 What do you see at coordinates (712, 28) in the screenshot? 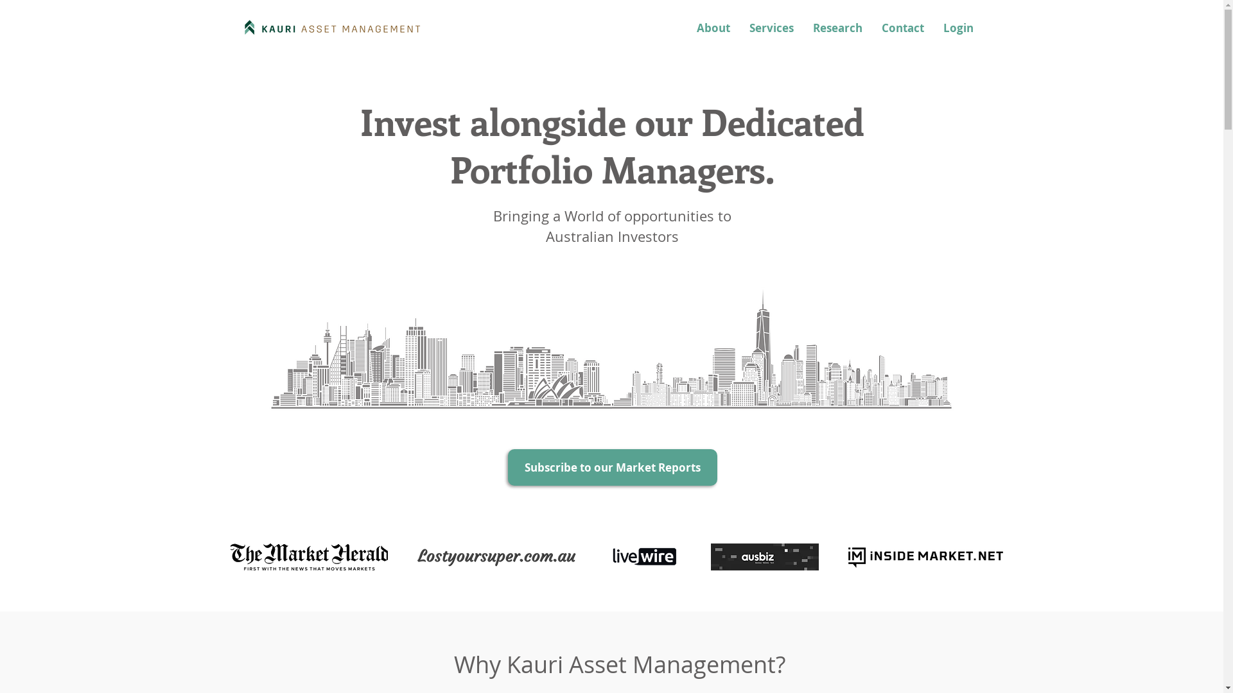
I see `'About'` at bounding box center [712, 28].